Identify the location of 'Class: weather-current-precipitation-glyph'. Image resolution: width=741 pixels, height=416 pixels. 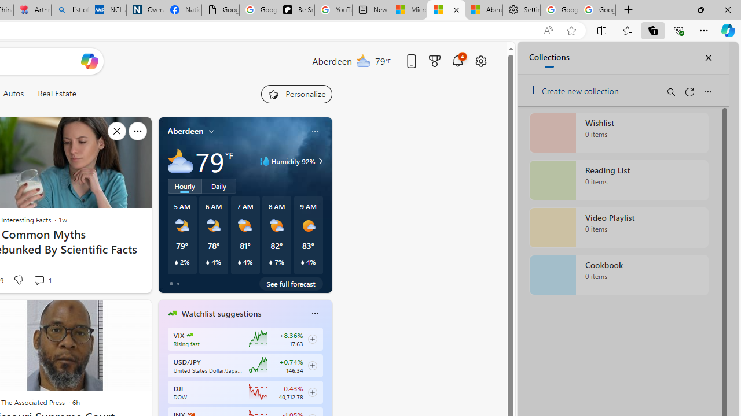
(302, 262).